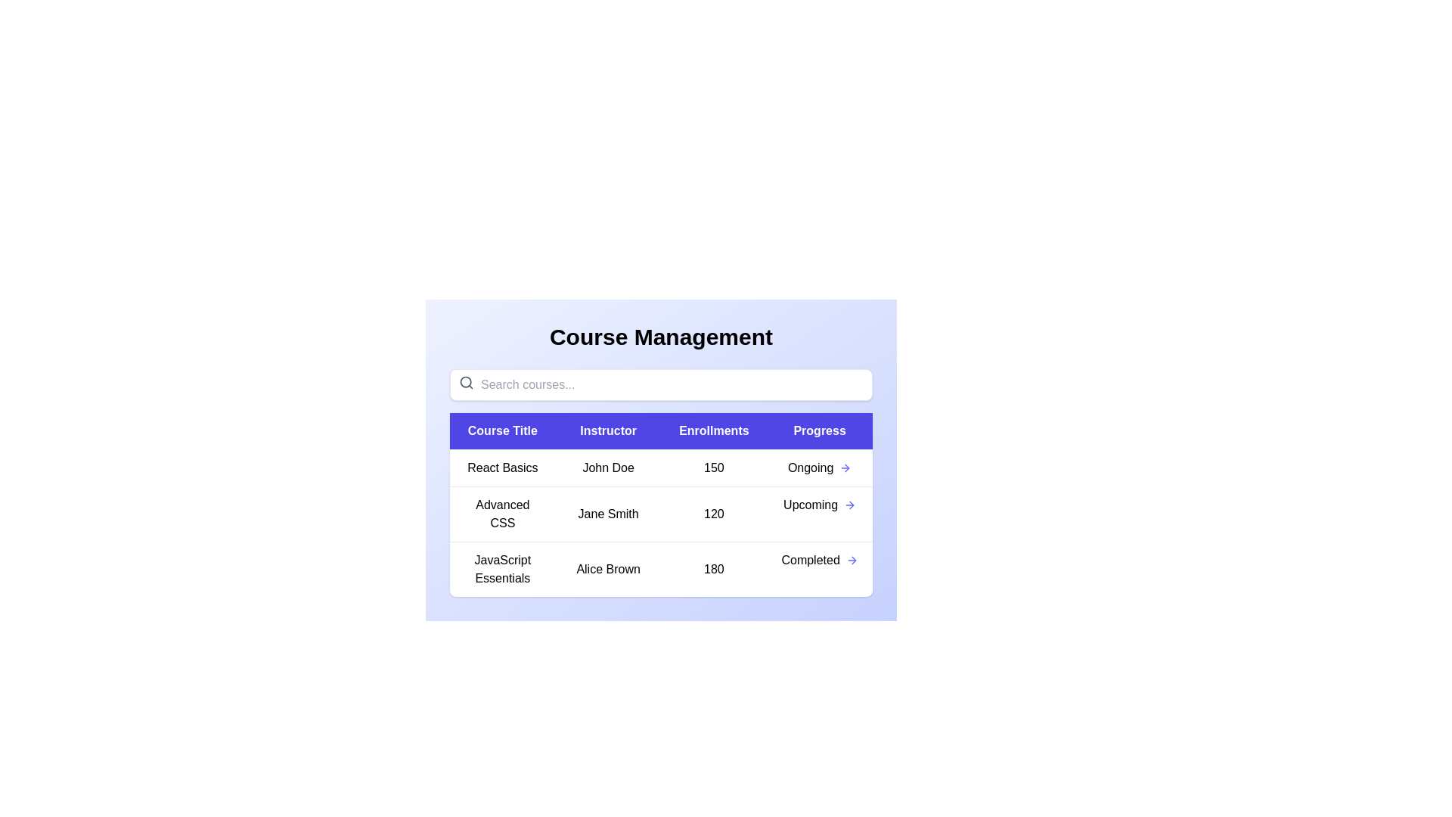  Describe the element at coordinates (845, 467) in the screenshot. I see `the progress arrow for the course titled React Basics` at that location.